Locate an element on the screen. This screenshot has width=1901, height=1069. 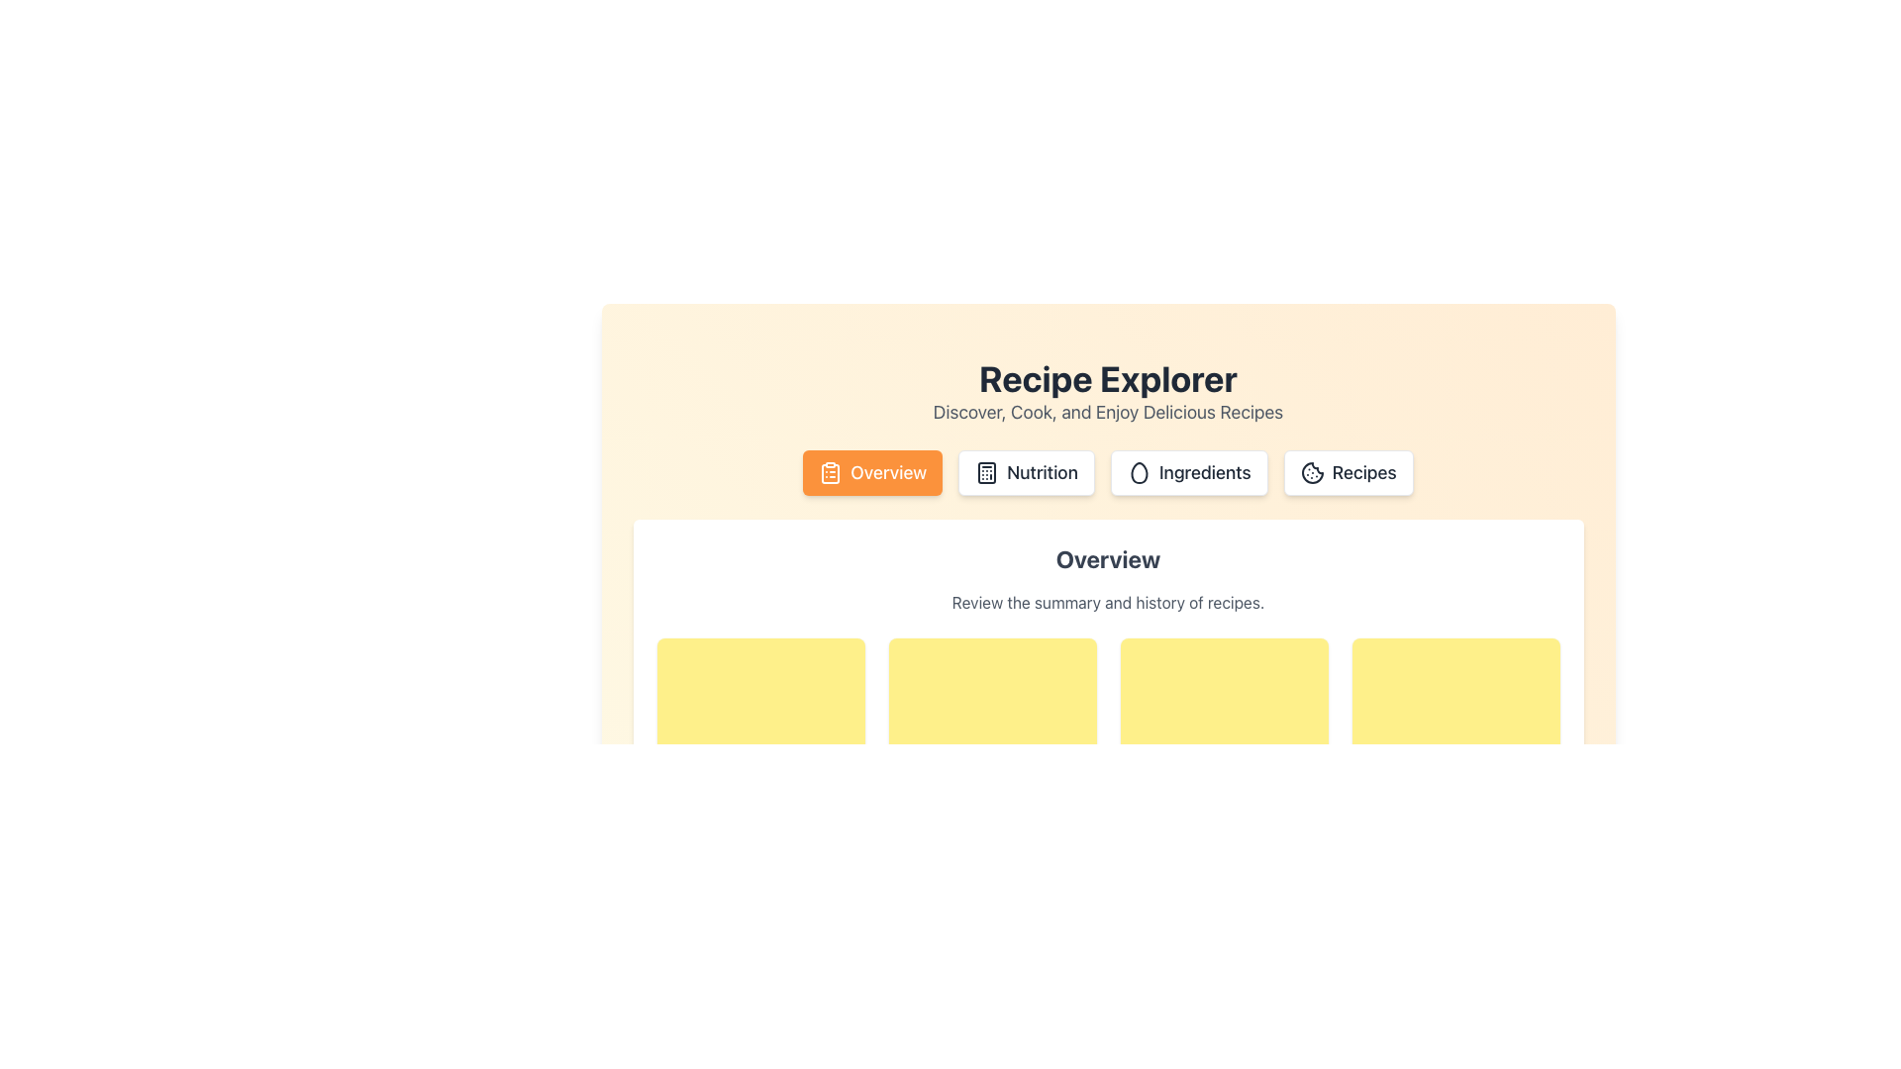
the third button in the group of four buttons, which navigates to the 'Ingredients' section of the application, to trigger a light orange highlight is located at coordinates (1188, 473).